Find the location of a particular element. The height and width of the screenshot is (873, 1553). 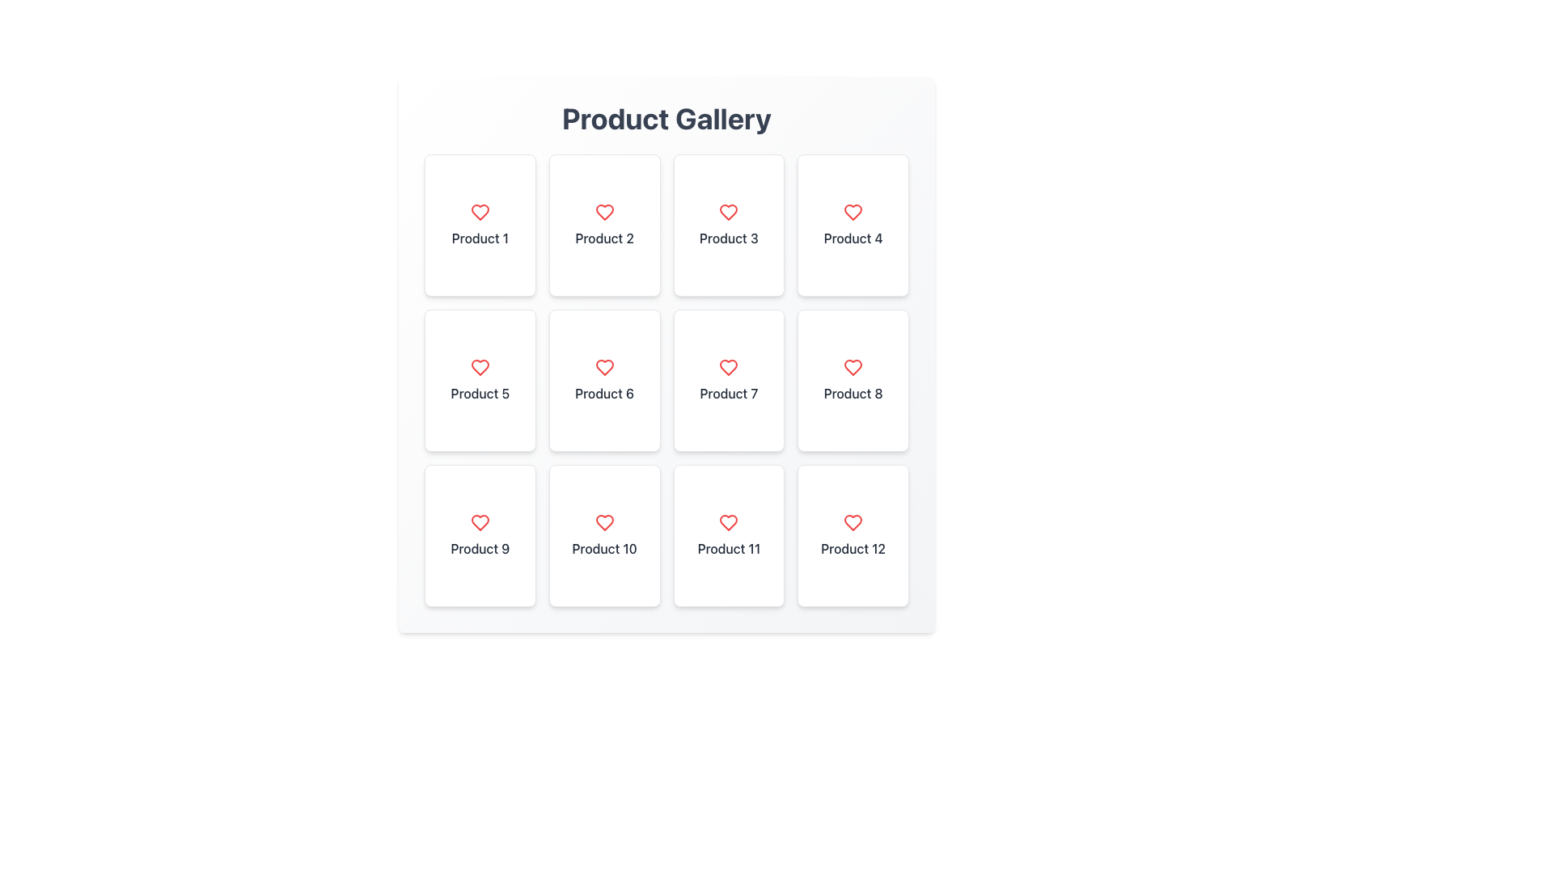

the heart-shaped SVG icon located in the top-left corner of the 'Product Gallery' grid, associated with 'Product 1', to indicate interest in the product is located at coordinates (479, 211).